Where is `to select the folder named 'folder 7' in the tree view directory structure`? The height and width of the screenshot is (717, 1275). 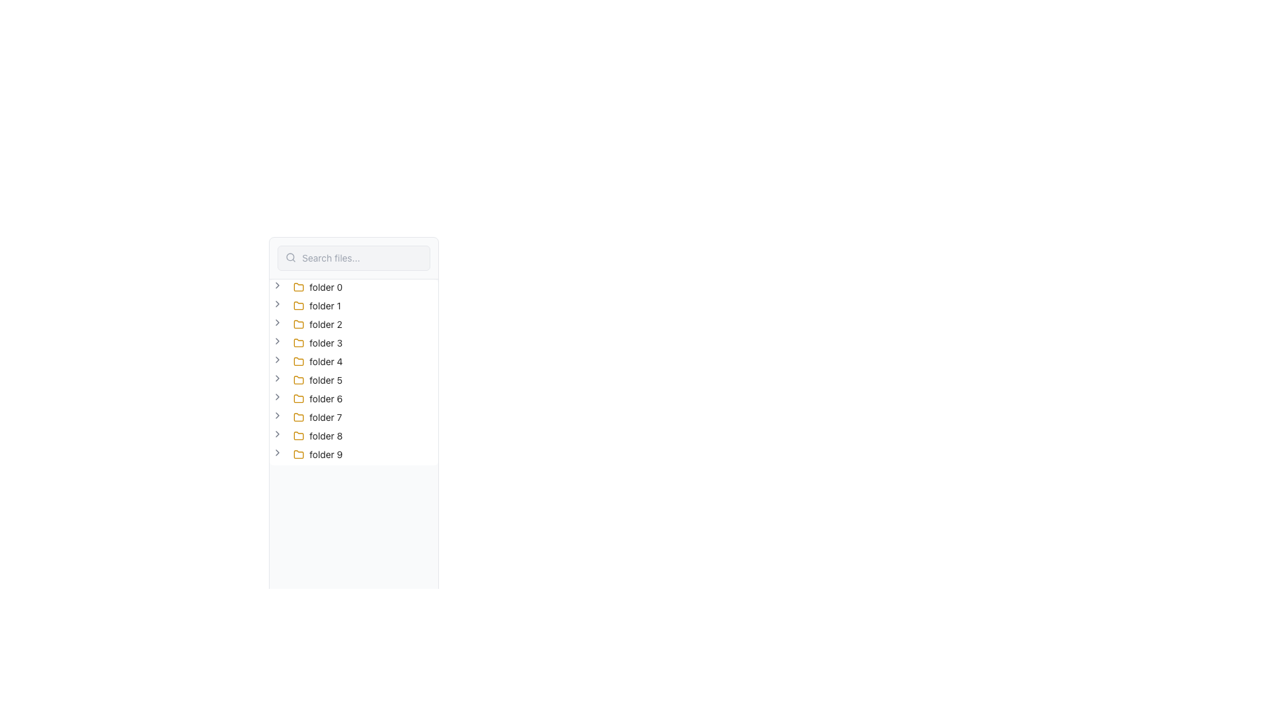
to select the folder named 'folder 7' in the tree view directory structure is located at coordinates (317, 416).